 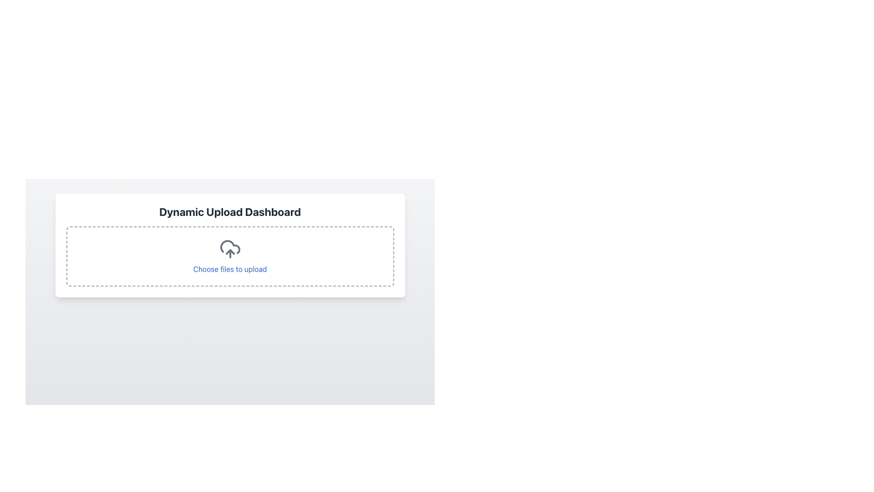 What do you see at coordinates (230, 251) in the screenshot?
I see `the upward-pointing arrow icon within the cloud-upload illustration, located at the bottom-center of the cloud in the Dynamic Upload Dashboard` at bounding box center [230, 251].